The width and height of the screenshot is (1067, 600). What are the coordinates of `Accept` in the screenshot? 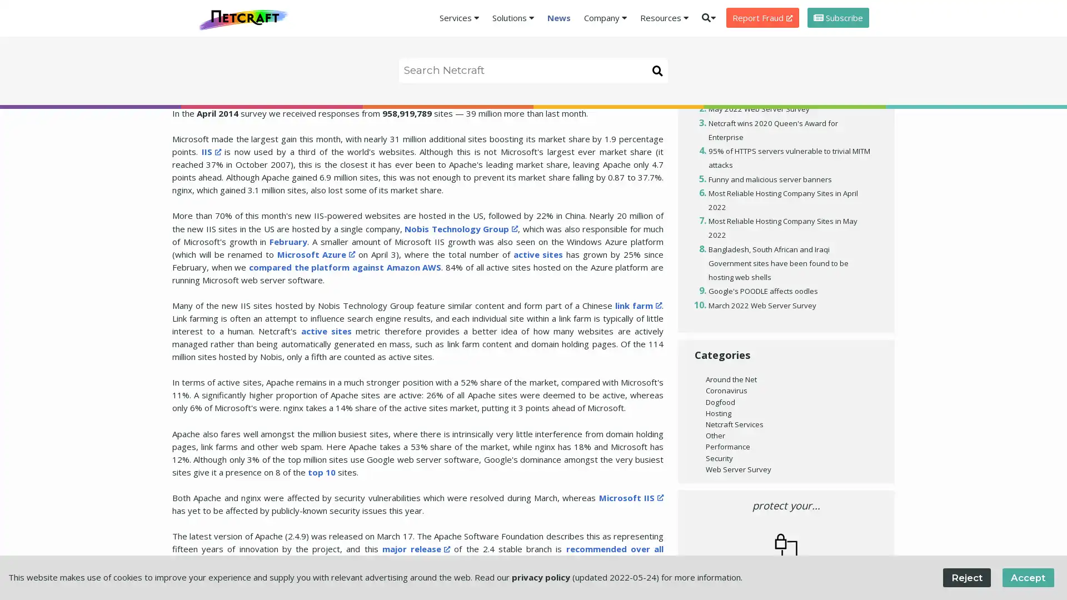 It's located at (1027, 577).